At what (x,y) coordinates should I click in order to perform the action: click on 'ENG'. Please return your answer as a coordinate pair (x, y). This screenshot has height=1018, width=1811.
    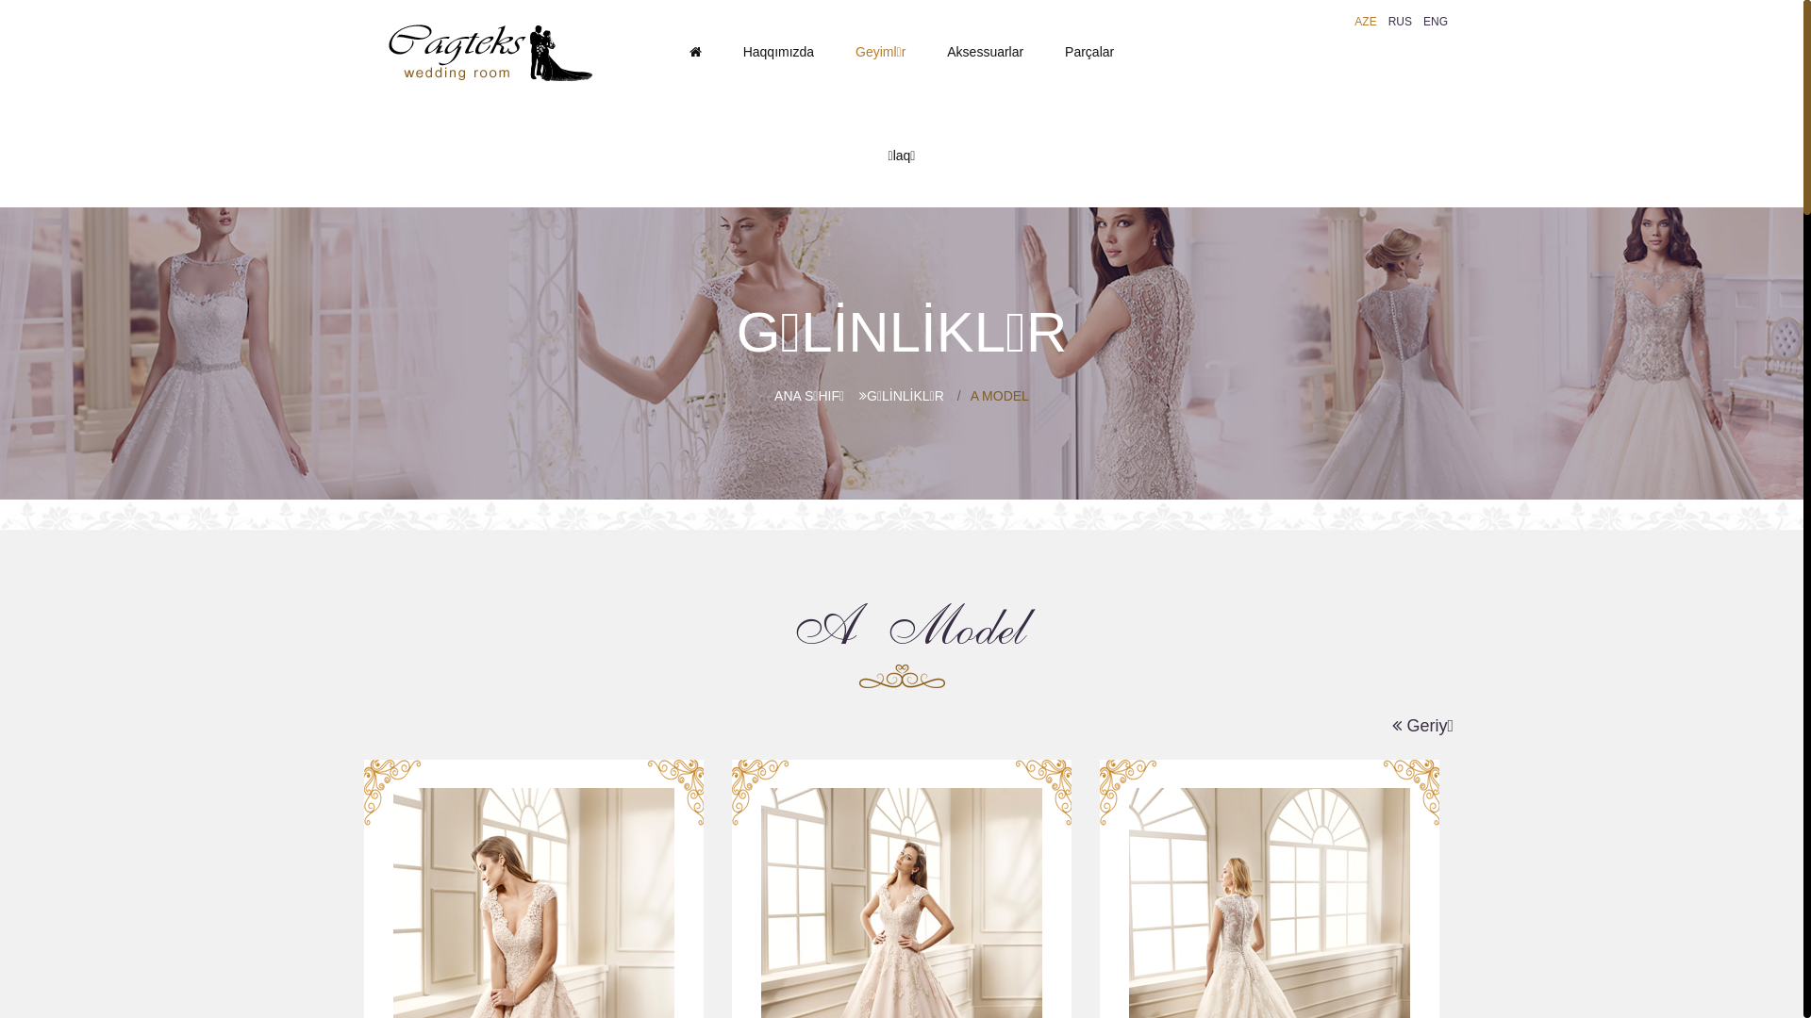
    Looking at the image, I should click on (1434, 22).